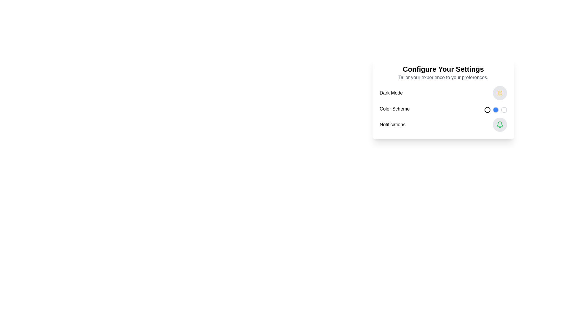  I want to click on the header text label located at the top-center of the configuration dialog box, which serves as the primary title for the settings interface, so click(443, 69).